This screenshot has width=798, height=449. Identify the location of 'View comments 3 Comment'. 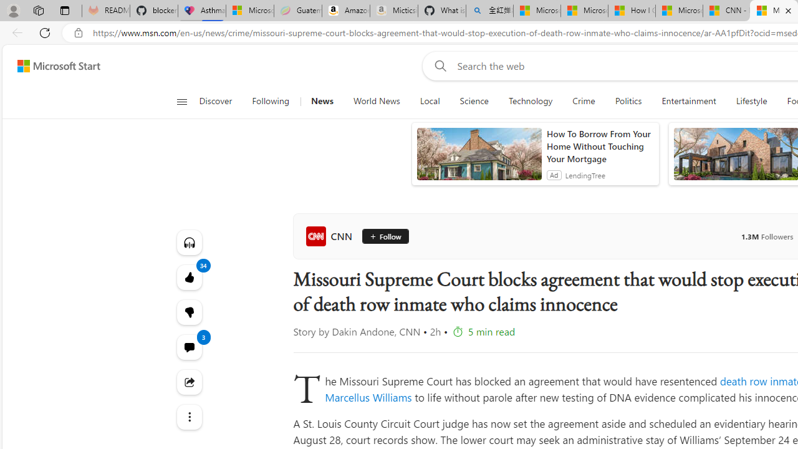
(188, 347).